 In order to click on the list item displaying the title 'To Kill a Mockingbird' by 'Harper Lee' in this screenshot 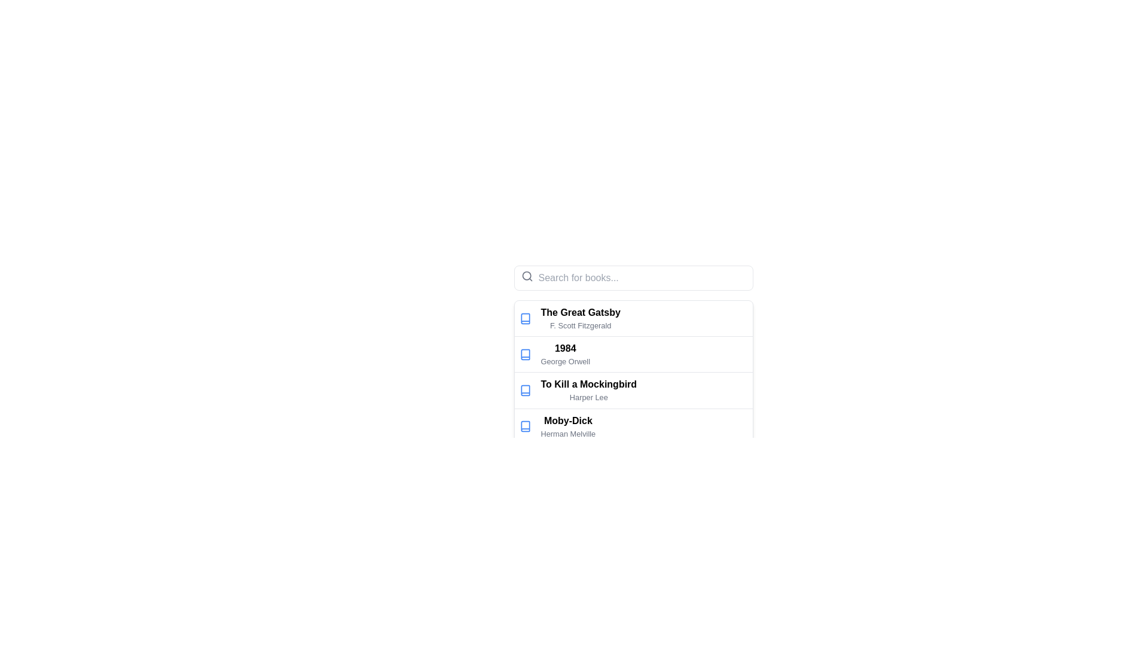, I will do `click(633, 389)`.